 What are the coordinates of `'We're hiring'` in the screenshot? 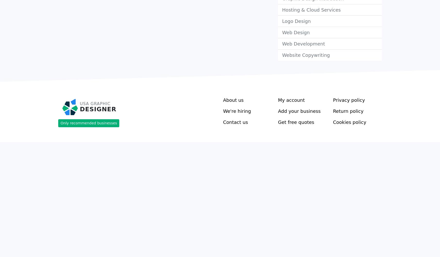 It's located at (237, 111).